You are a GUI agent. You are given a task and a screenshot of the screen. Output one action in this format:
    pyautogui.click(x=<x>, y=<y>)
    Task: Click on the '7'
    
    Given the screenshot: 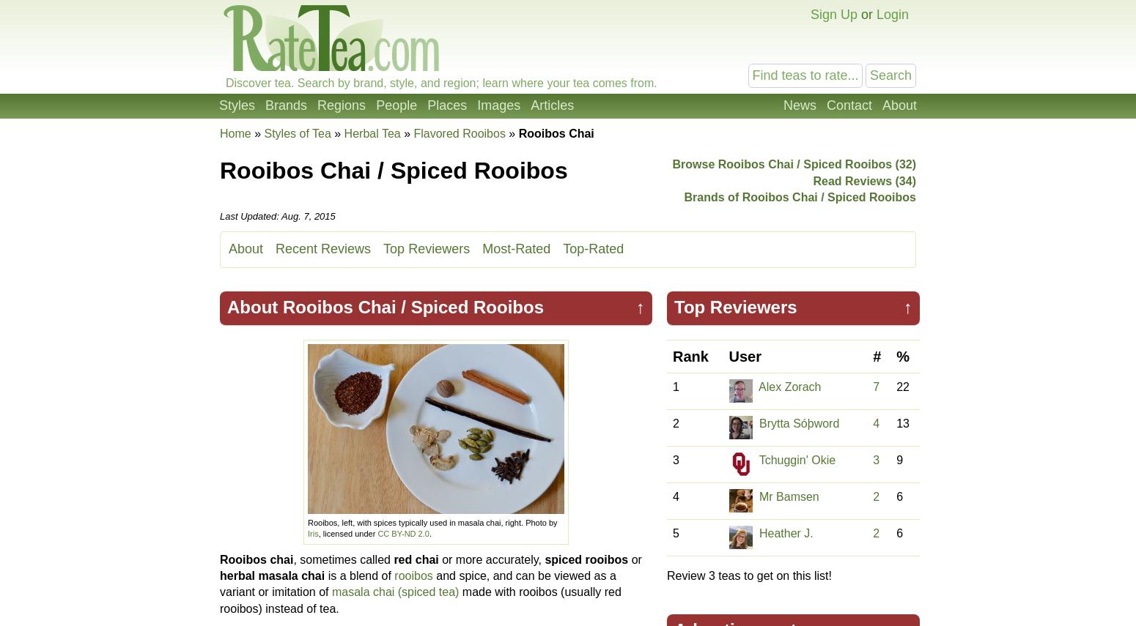 What is the action you would take?
    pyautogui.click(x=873, y=387)
    